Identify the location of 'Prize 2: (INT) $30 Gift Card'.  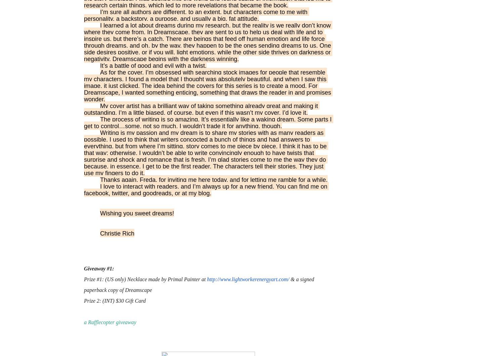
(114, 300).